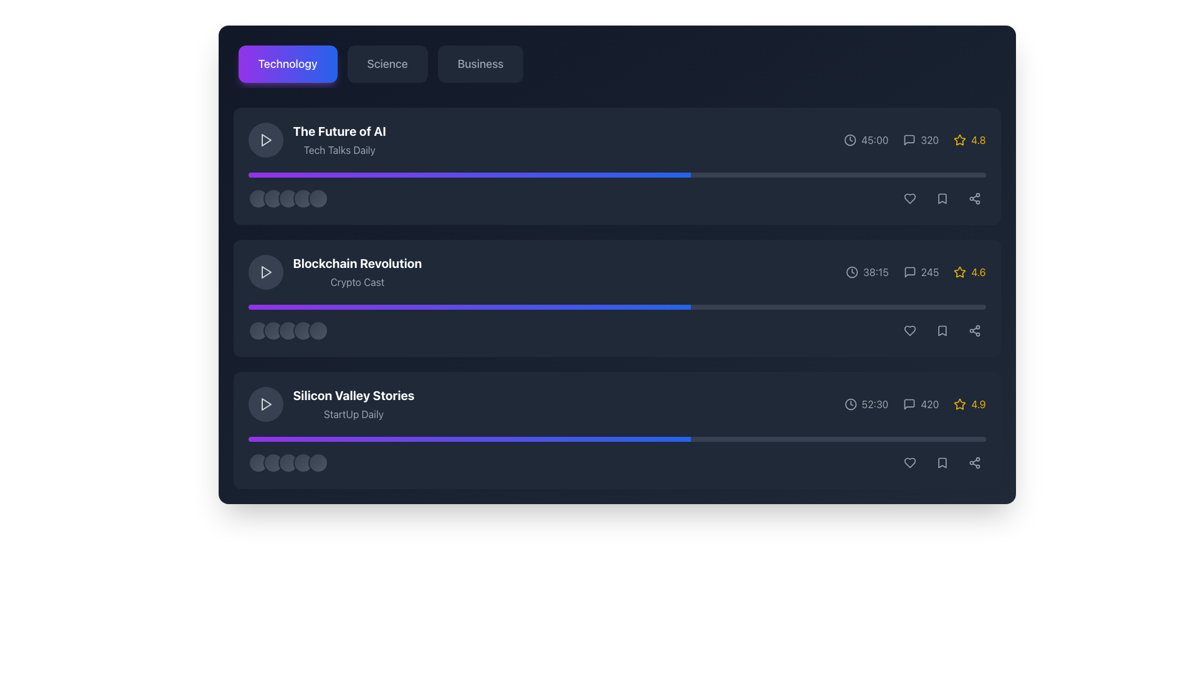 Image resolution: width=1196 pixels, height=673 pixels. Describe the element at coordinates (376, 307) in the screenshot. I see `progress` at that location.